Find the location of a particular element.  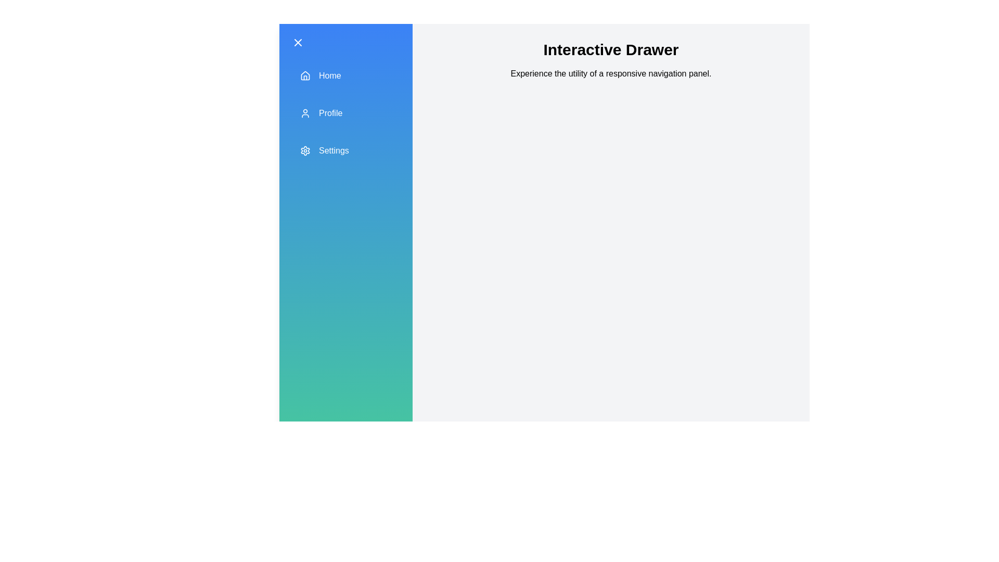

the drawer item labeled Home to observe the hover effect is located at coordinates (346, 75).